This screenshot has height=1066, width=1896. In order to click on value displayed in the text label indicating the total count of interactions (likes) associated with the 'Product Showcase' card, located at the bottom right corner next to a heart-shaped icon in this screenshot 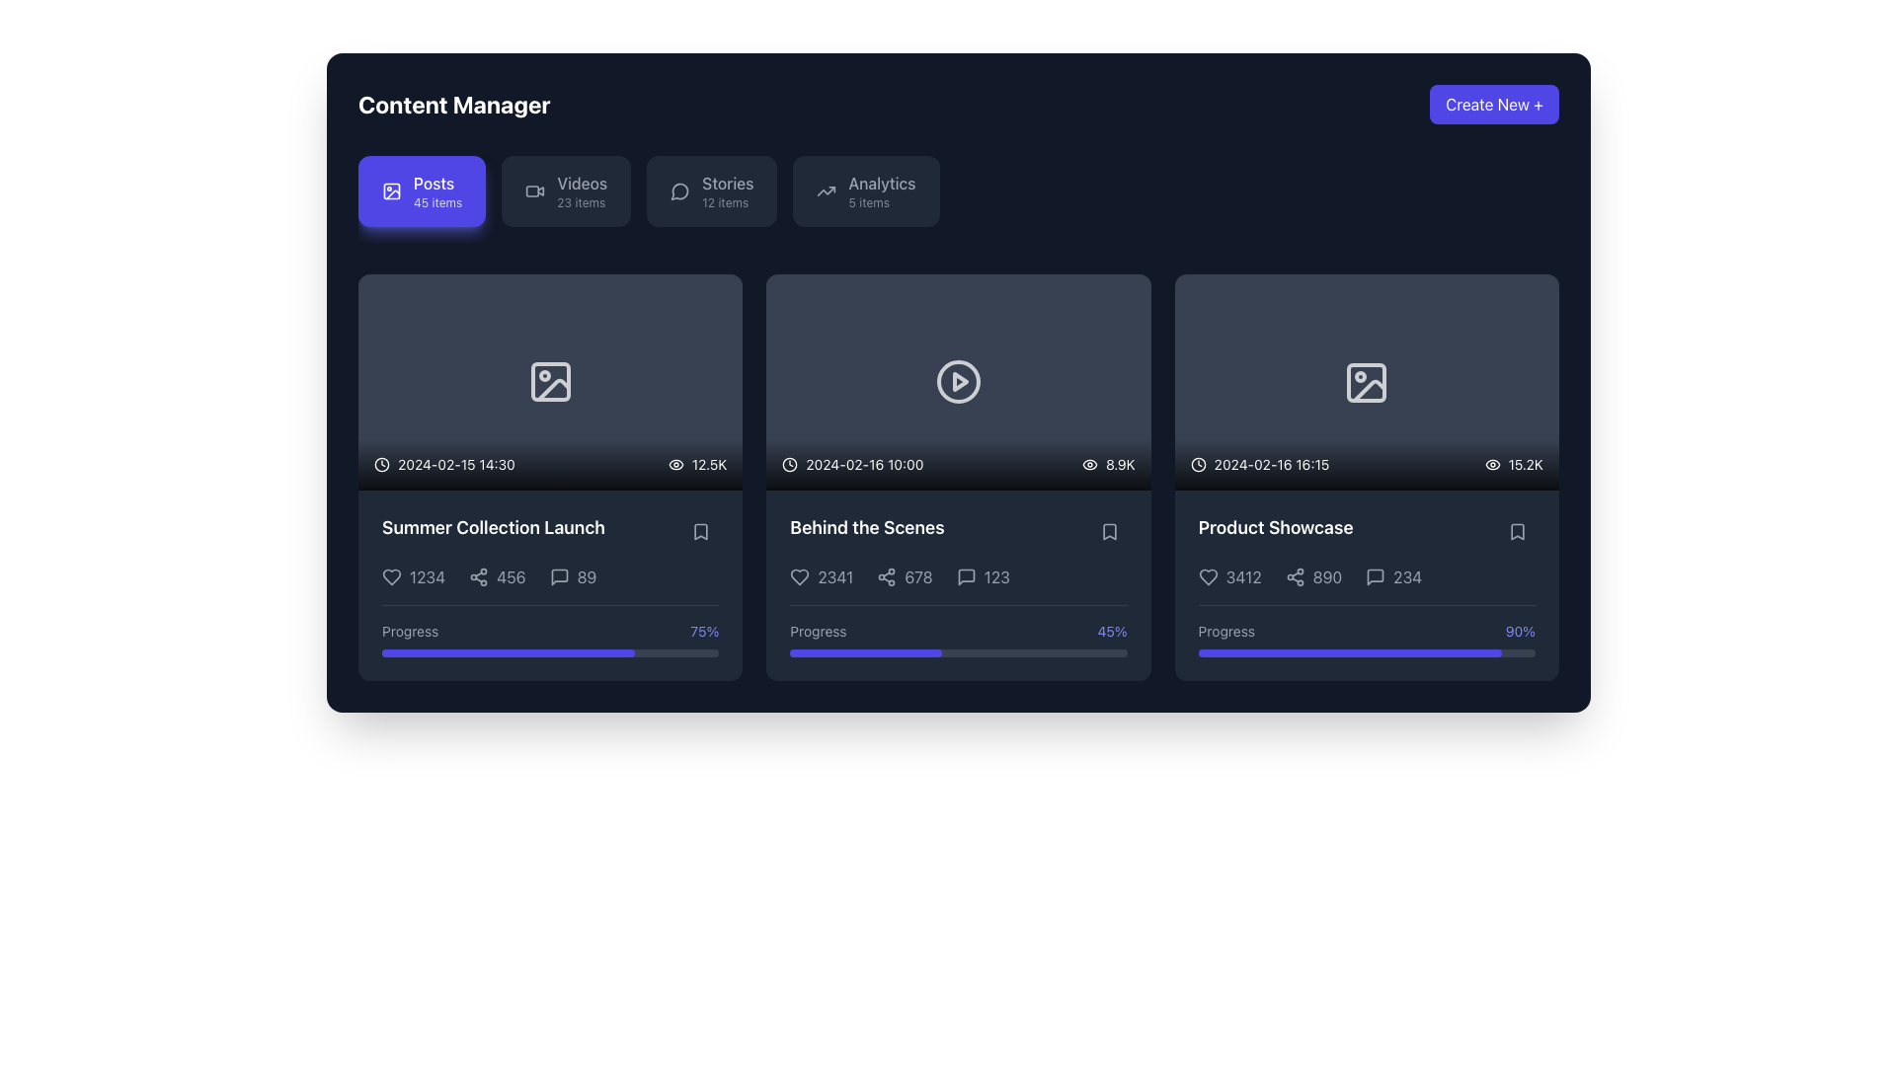, I will do `click(1242, 577)`.